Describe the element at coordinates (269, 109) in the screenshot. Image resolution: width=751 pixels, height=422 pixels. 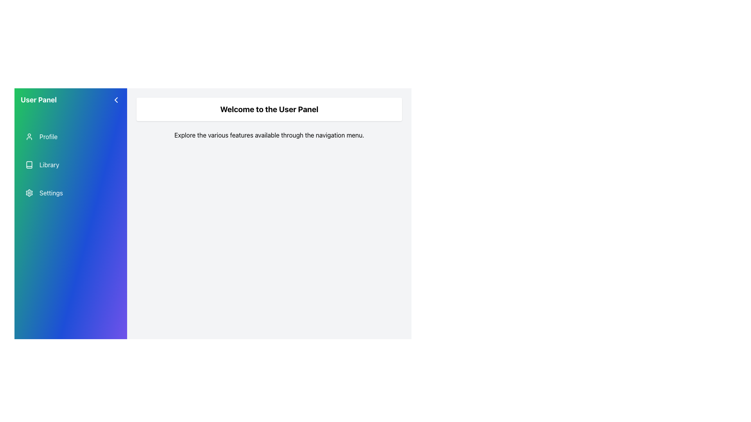
I see `the bold title 'Welcome to the User Panel' located at the top center of the main content area` at that location.